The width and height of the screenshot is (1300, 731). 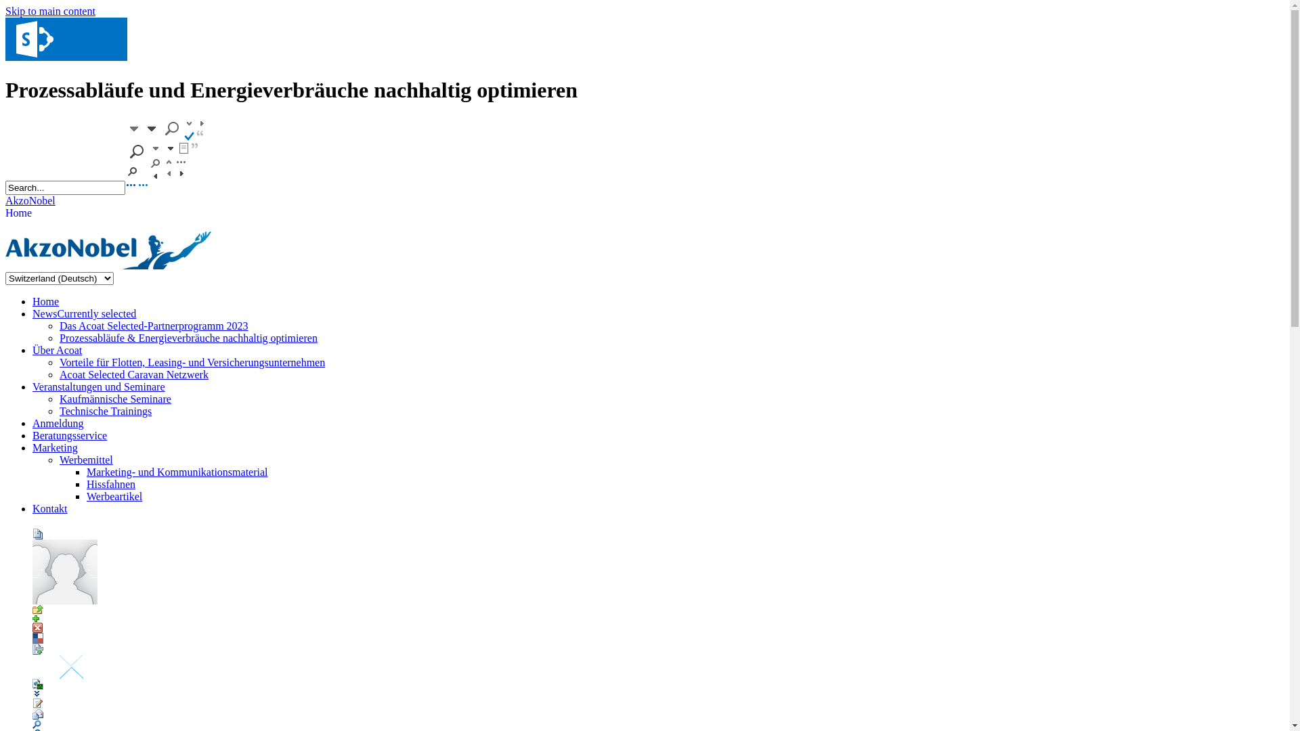 What do you see at coordinates (110, 483) in the screenshot?
I see `'Hissfahnen'` at bounding box center [110, 483].